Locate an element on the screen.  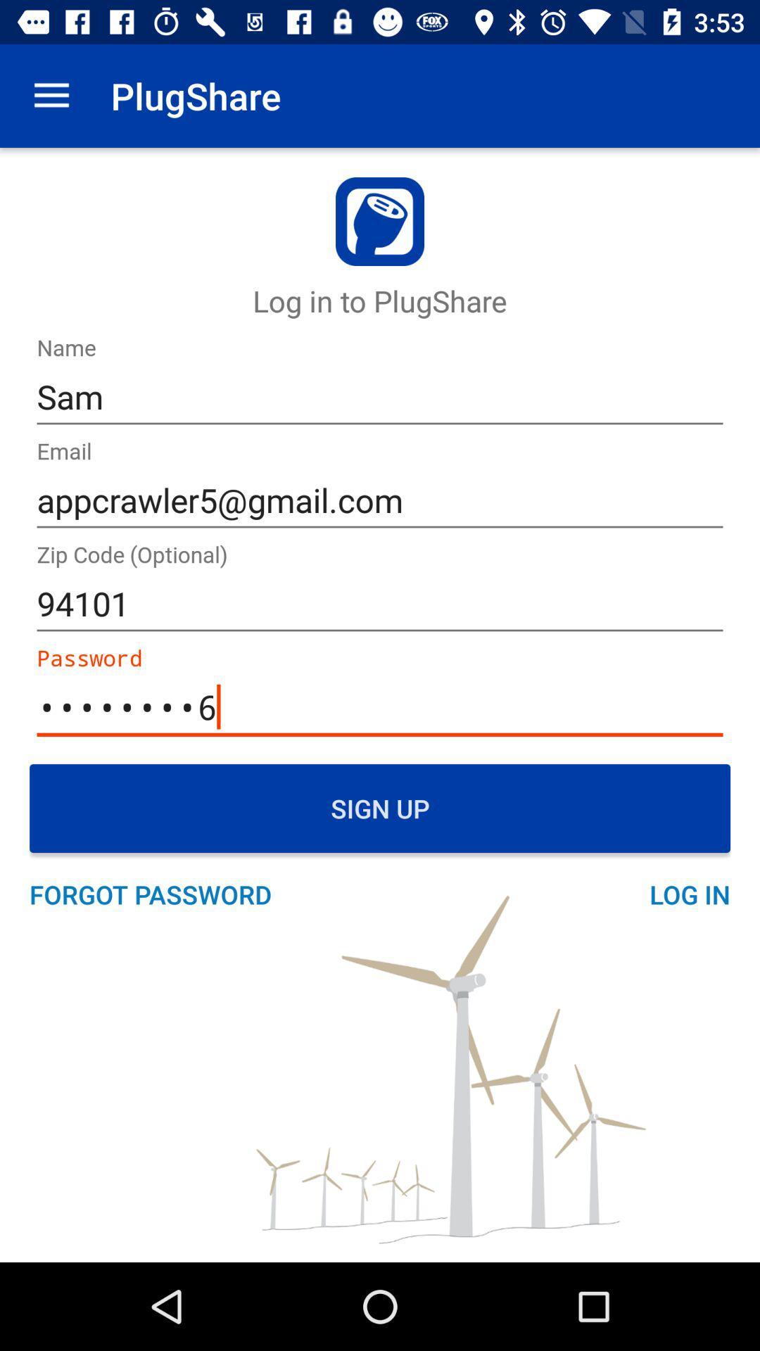
icon below the sign up icon is located at coordinates (158, 894).